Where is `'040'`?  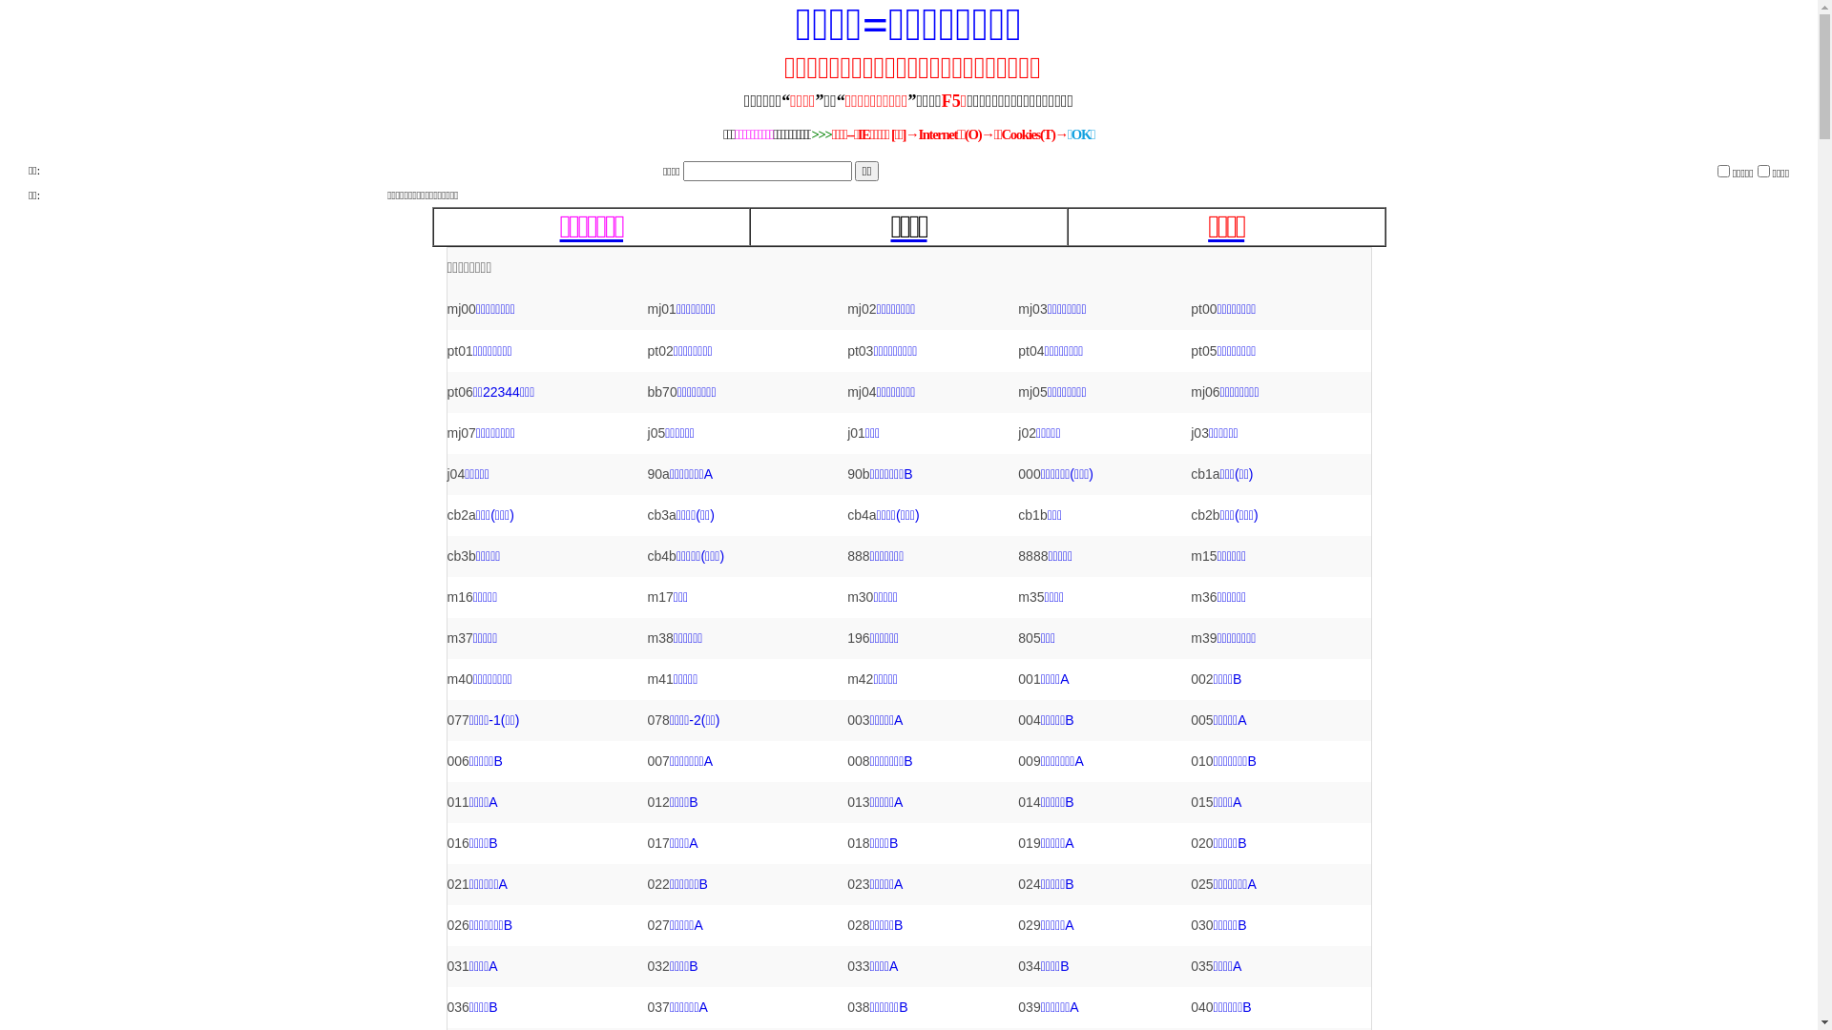
'040' is located at coordinates (1200, 1006).